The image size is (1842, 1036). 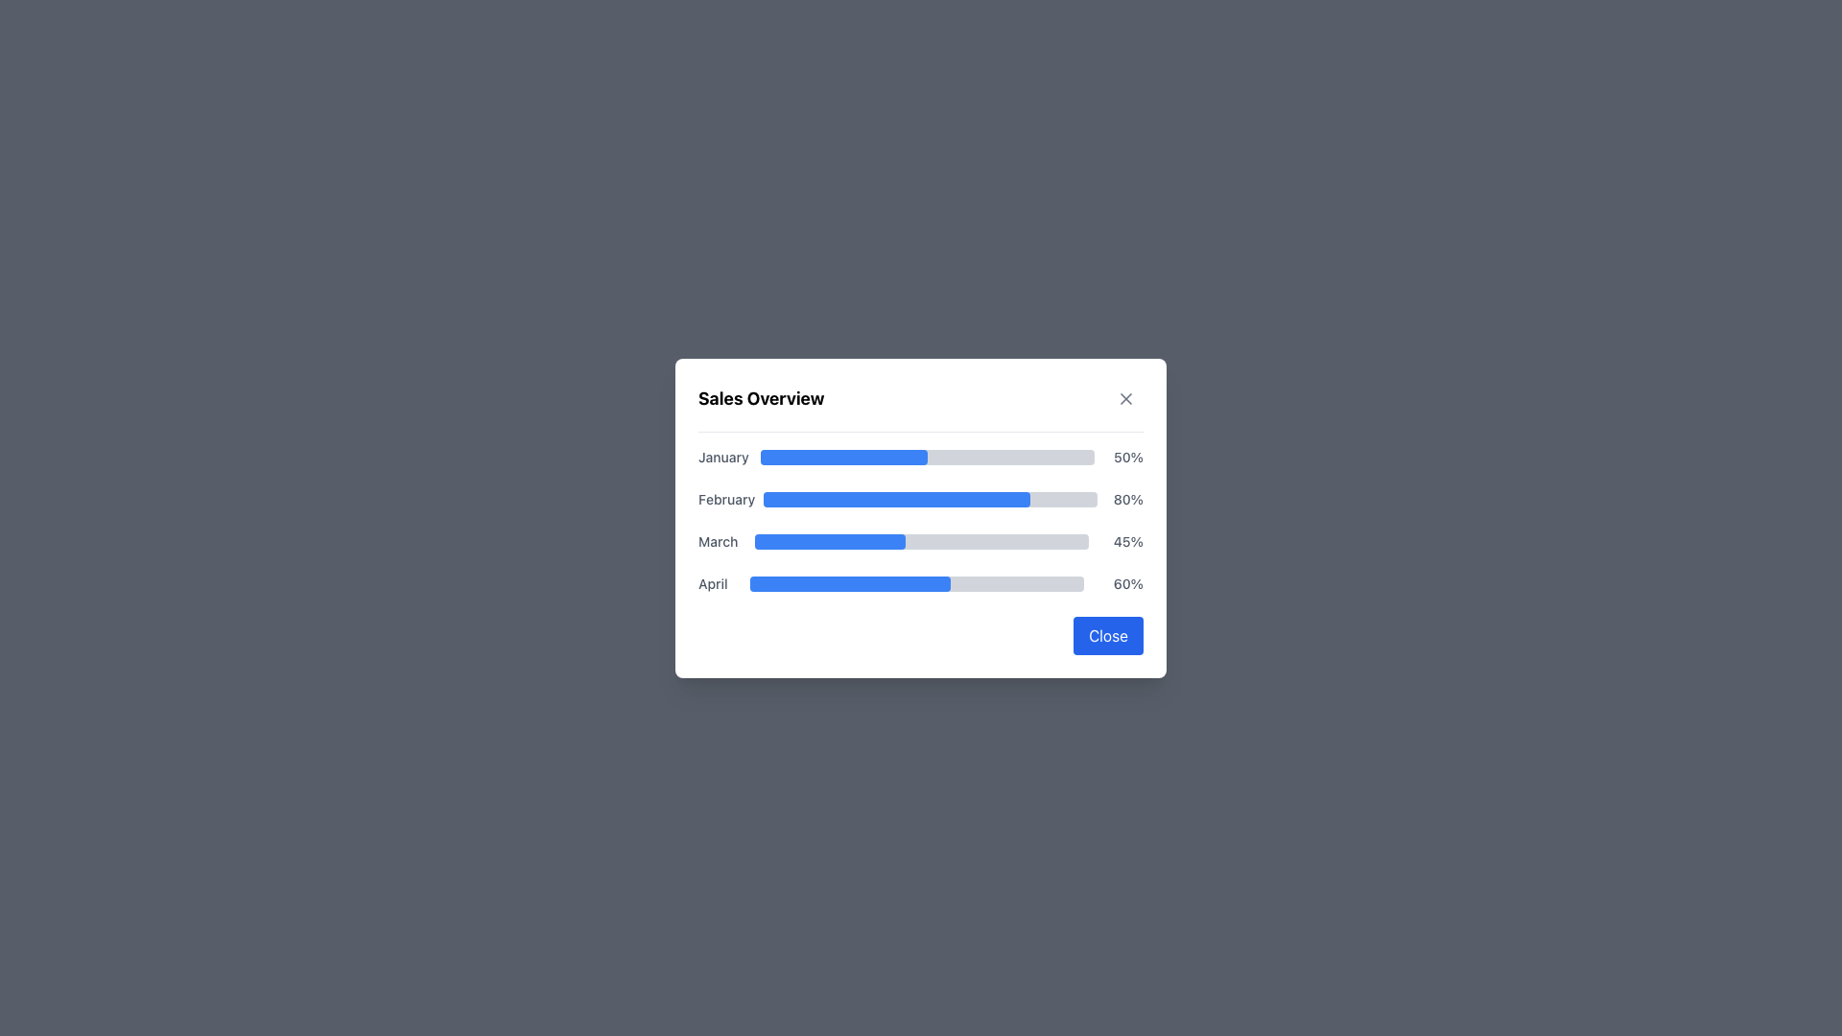 What do you see at coordinates (830, 541) in the screenshot?
I see `the progress indicator representing the completion percentage of the 'March' entry in the sales overview table` at bounding box center [830, 541].